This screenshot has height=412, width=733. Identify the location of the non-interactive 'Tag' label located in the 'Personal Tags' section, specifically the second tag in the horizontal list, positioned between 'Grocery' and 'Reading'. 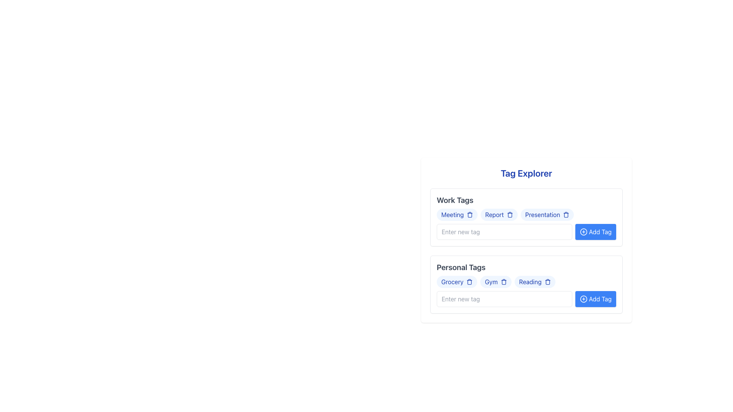
(496, 282).